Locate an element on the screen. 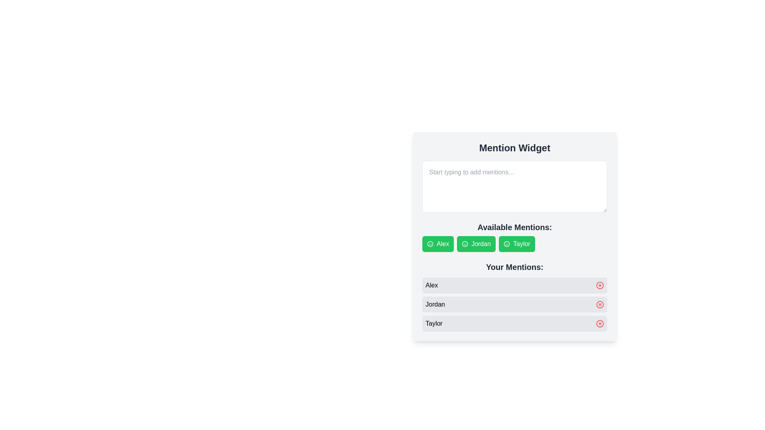  circular SVG component located within the 'Alex' icon in the 'Available Mentions' section by using developer tools is located at coordinates (430, 244).